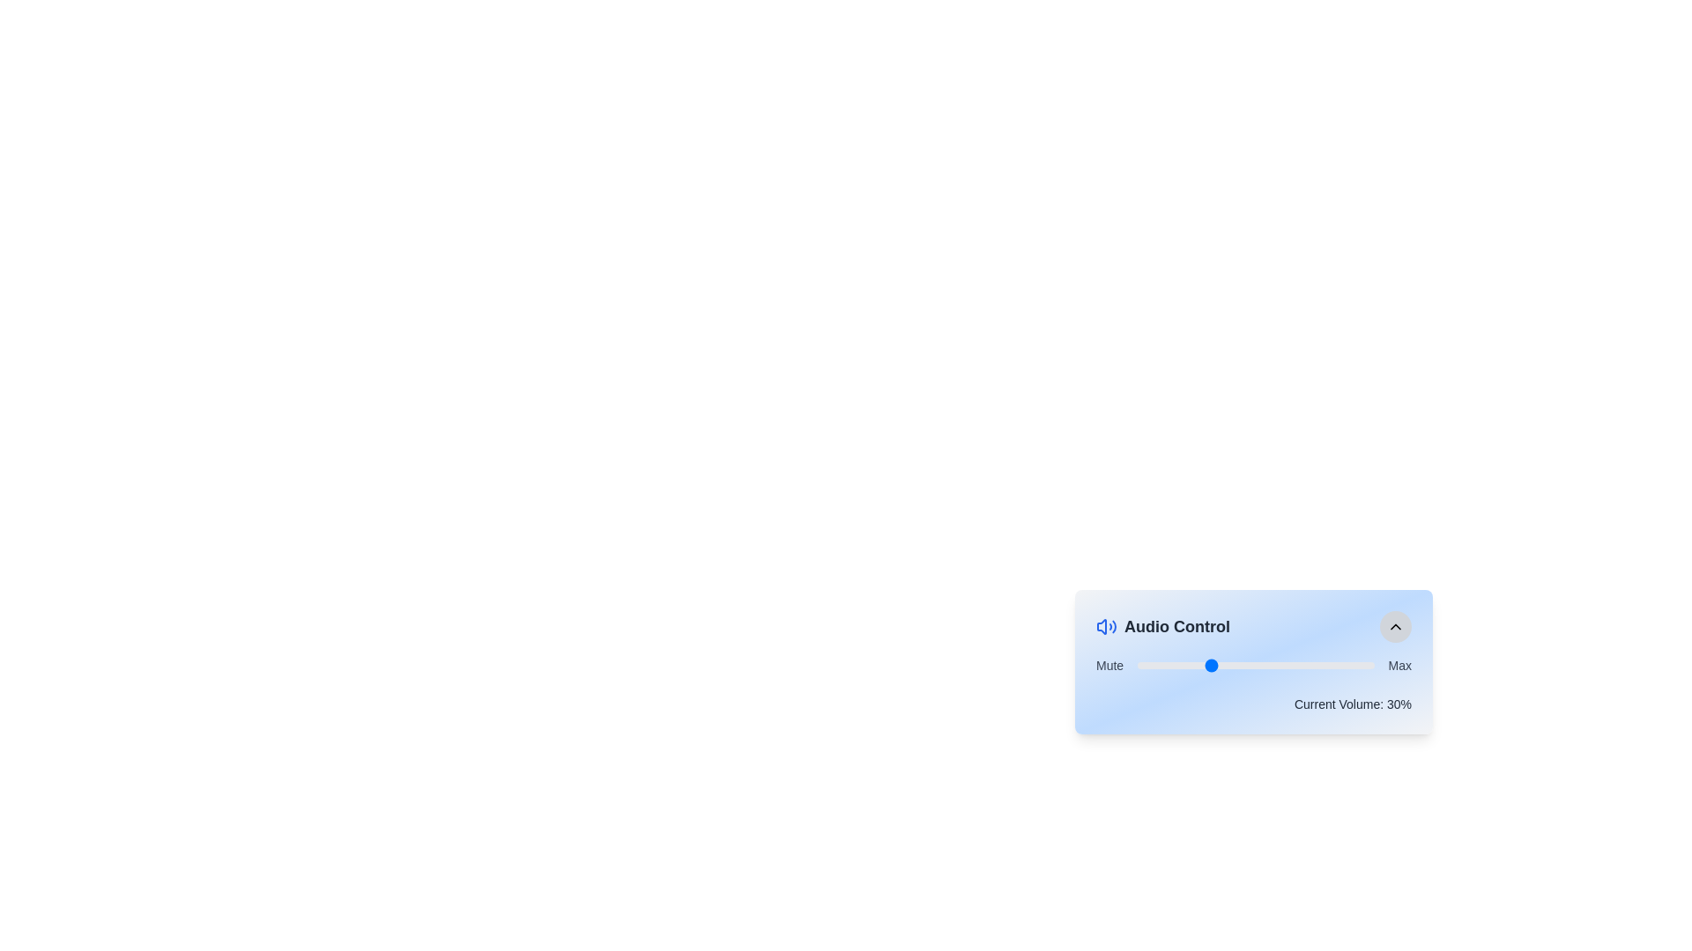  I want to click on the volume level, so click(1281, 666).